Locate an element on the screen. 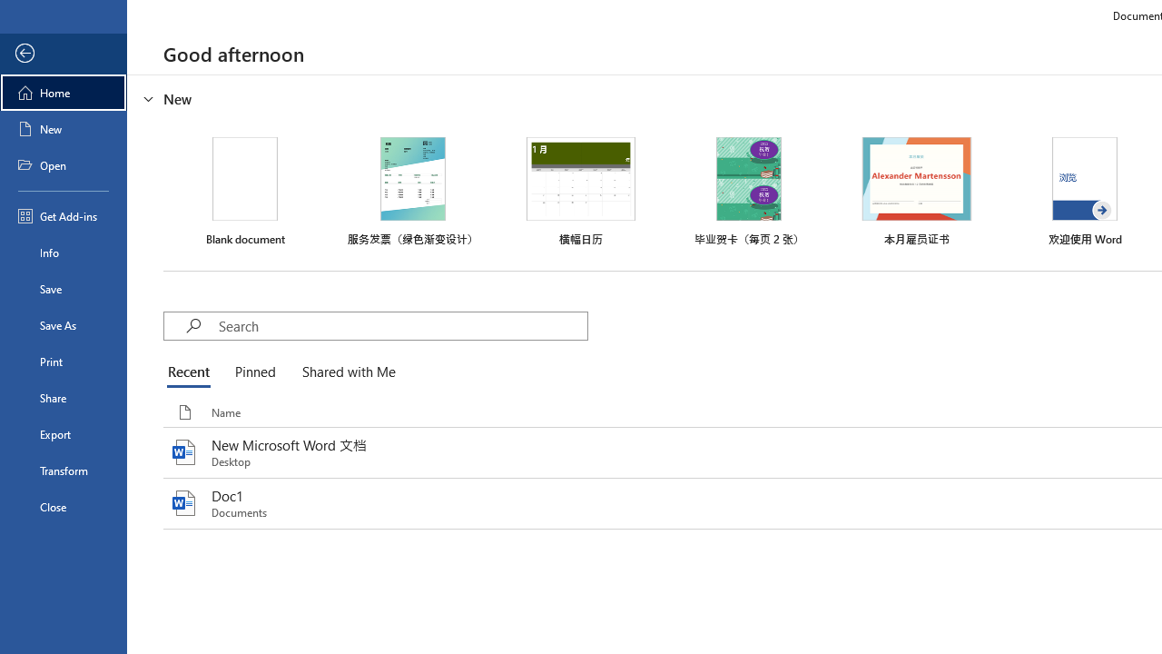 The height and width of the screenshot is (654, 1162). 'Hide or show region' is located at coordinates (149, 99).